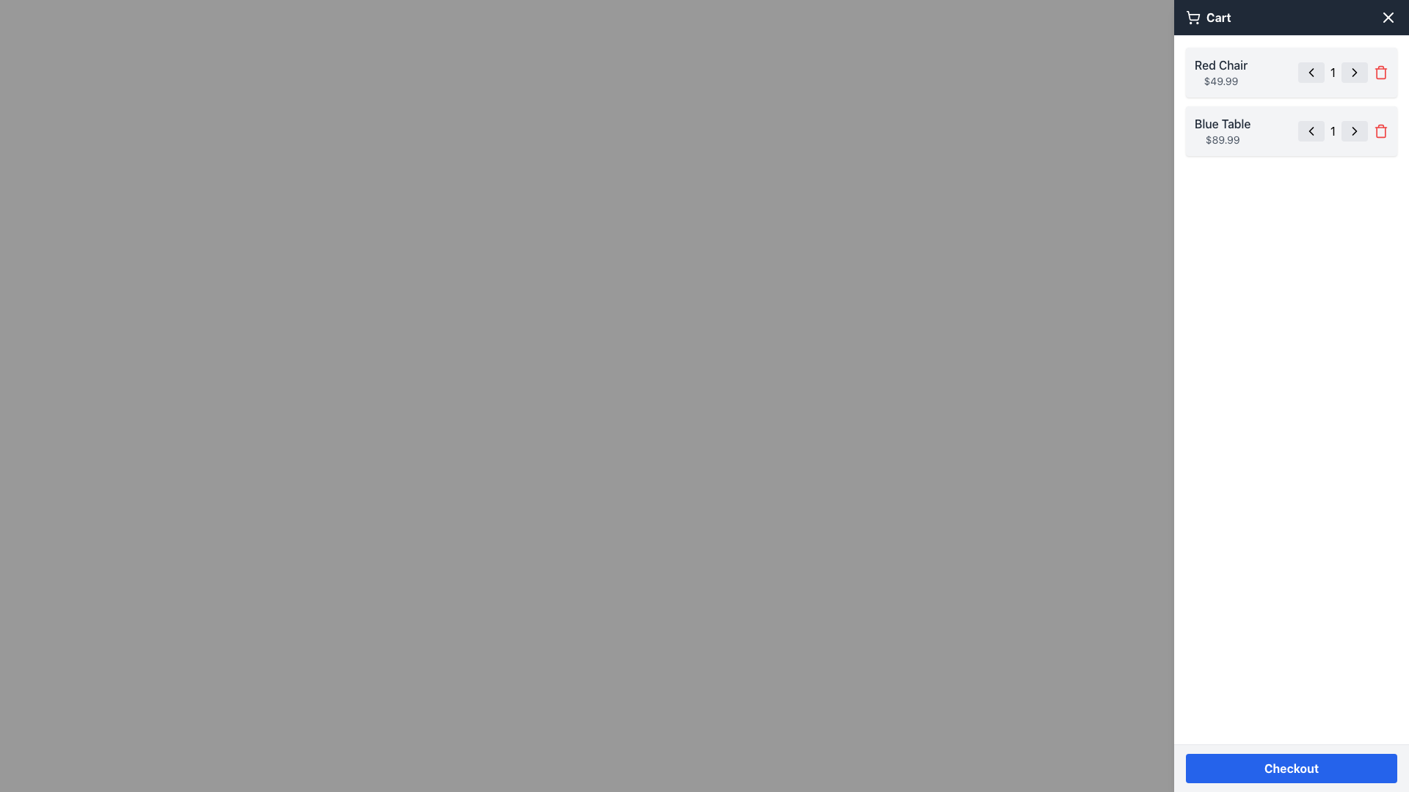 Image resolution: width=1409 pixels, height=792 pixels. I want to click on the icon button located at the right end of the second row of entries in the cart section, so click(1380, 73).